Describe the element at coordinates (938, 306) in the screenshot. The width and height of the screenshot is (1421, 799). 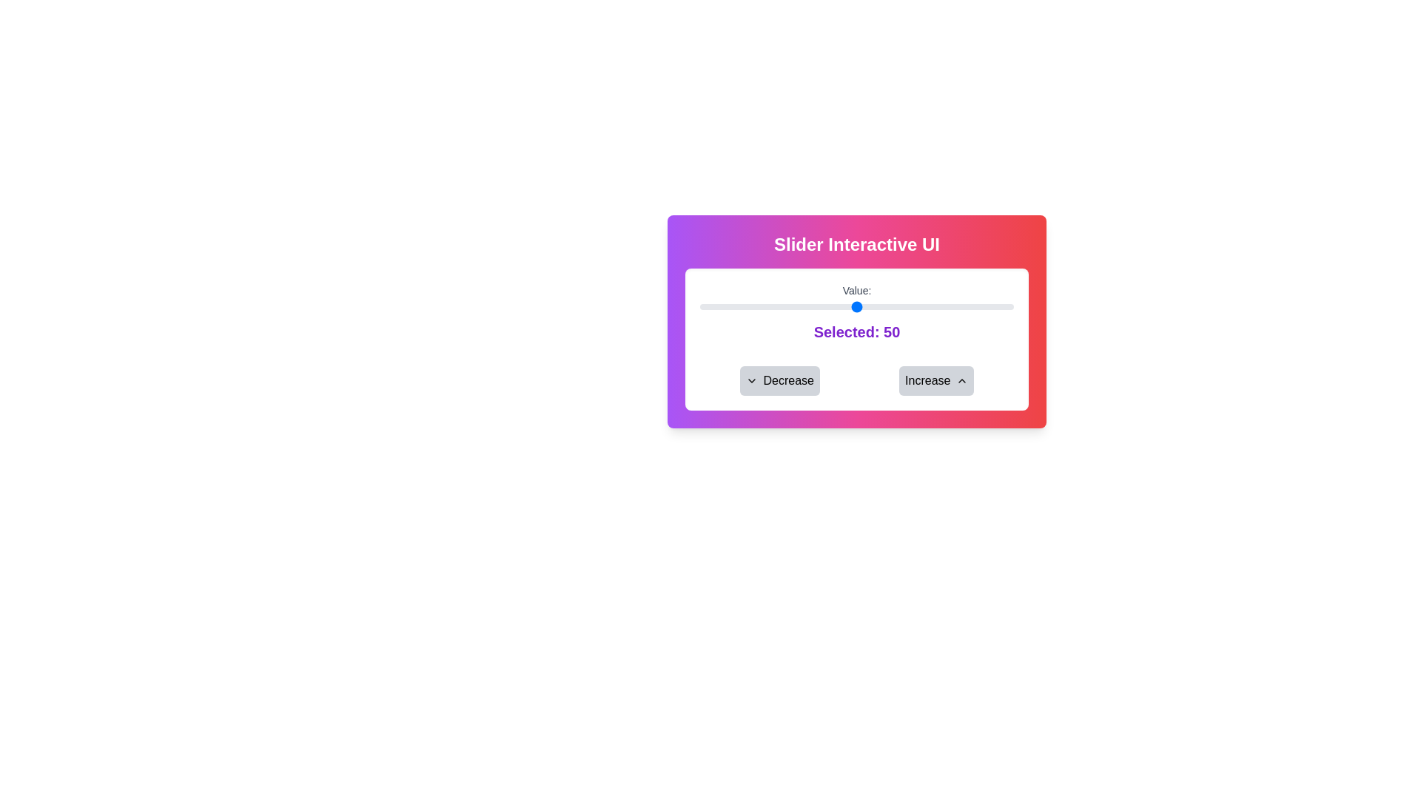
I see `slider value` at that location.